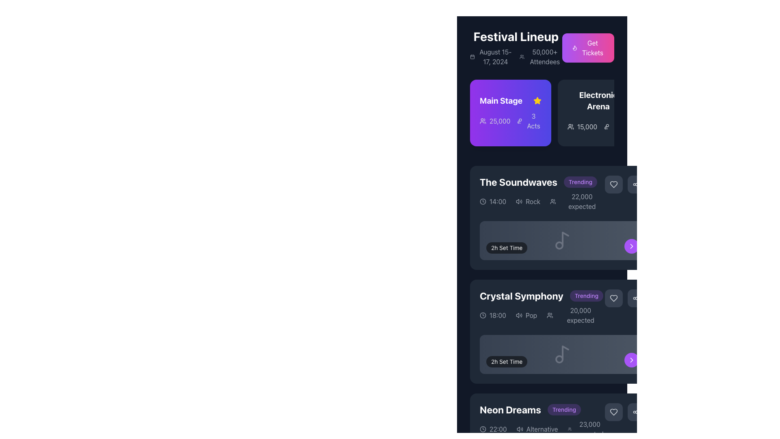 The image size is (780, 439). What do you see at coordinates (614, 412) in the screenshot?
I see `the heart-shaped icon button with a dark gray background` at bounding box center [614, 412].